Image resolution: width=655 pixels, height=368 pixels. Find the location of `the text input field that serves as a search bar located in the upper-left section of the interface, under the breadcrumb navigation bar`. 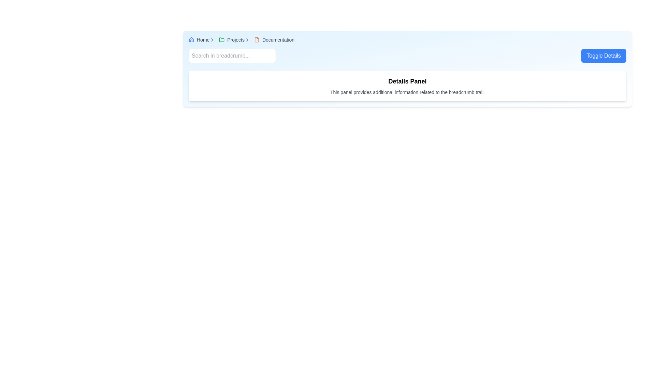

the text input field that serves as a search bar located in the upper-left section of the interface, under the breadcrumb navigation bar is located at coordinates (232, 56).